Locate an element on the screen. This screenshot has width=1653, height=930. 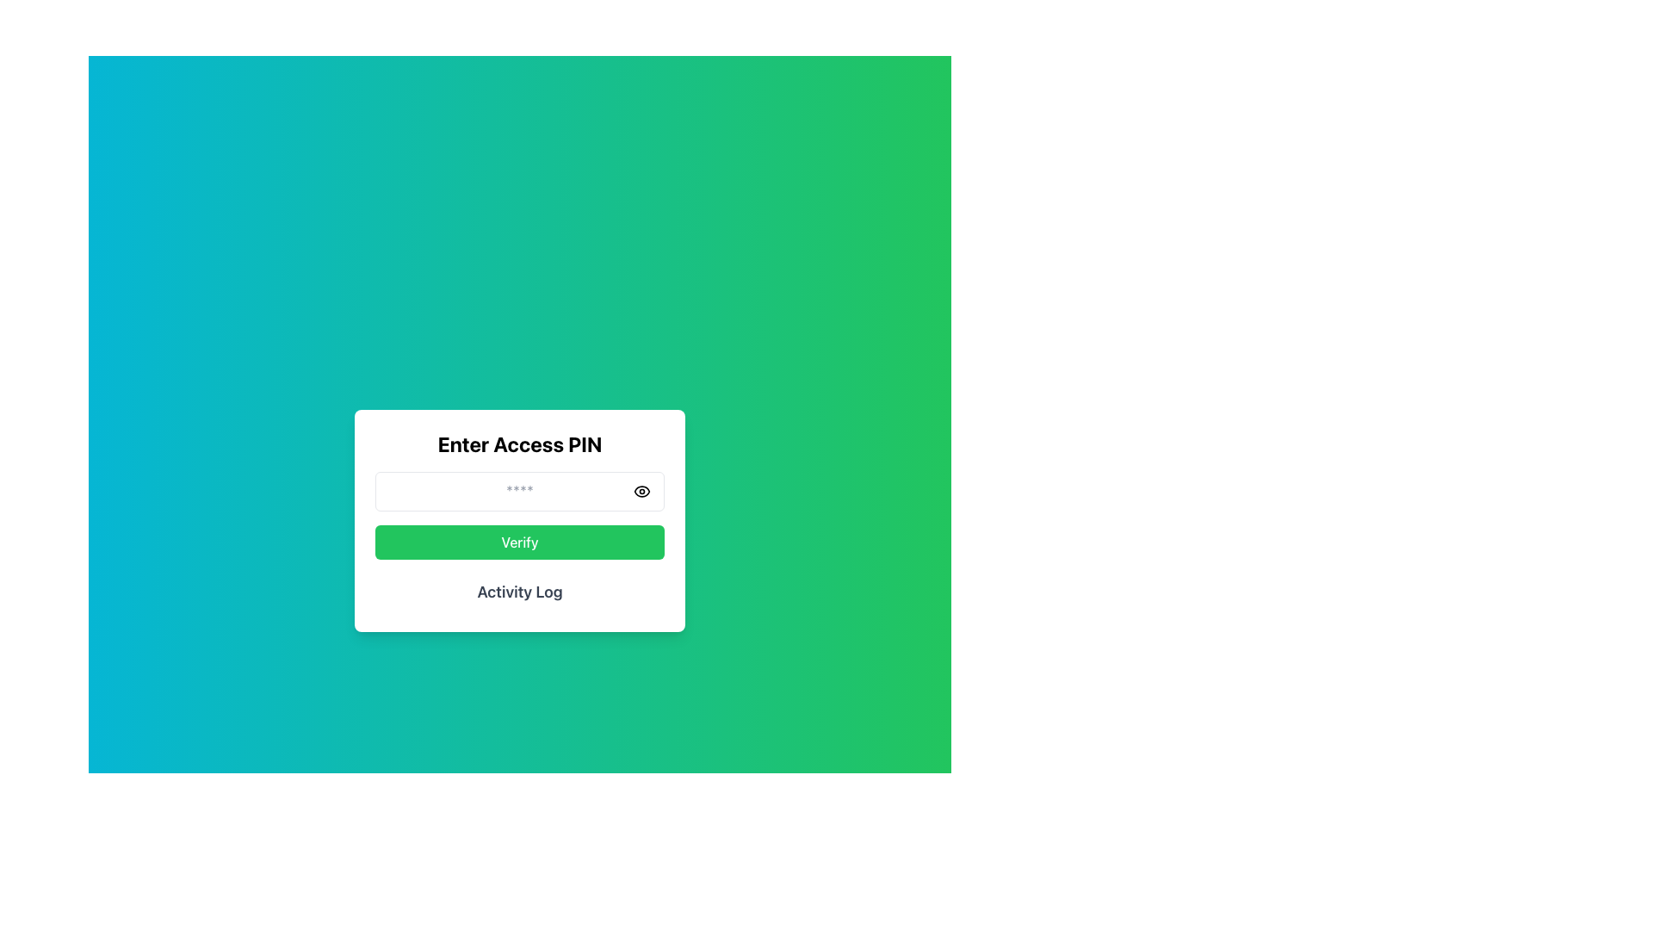
the text label displaying 'Enter Access PIN', which is bold and centered at the top of the card component is located at coordinates (519, 443).